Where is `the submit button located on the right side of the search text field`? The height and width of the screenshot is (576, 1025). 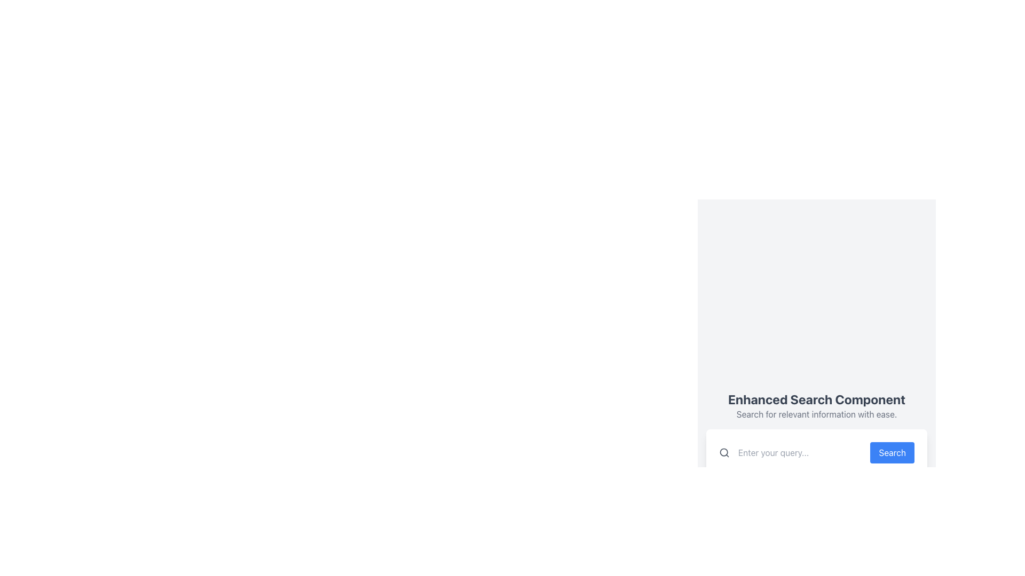 the submit button located on the right side of the search text field is located at coordinates (892, 452).